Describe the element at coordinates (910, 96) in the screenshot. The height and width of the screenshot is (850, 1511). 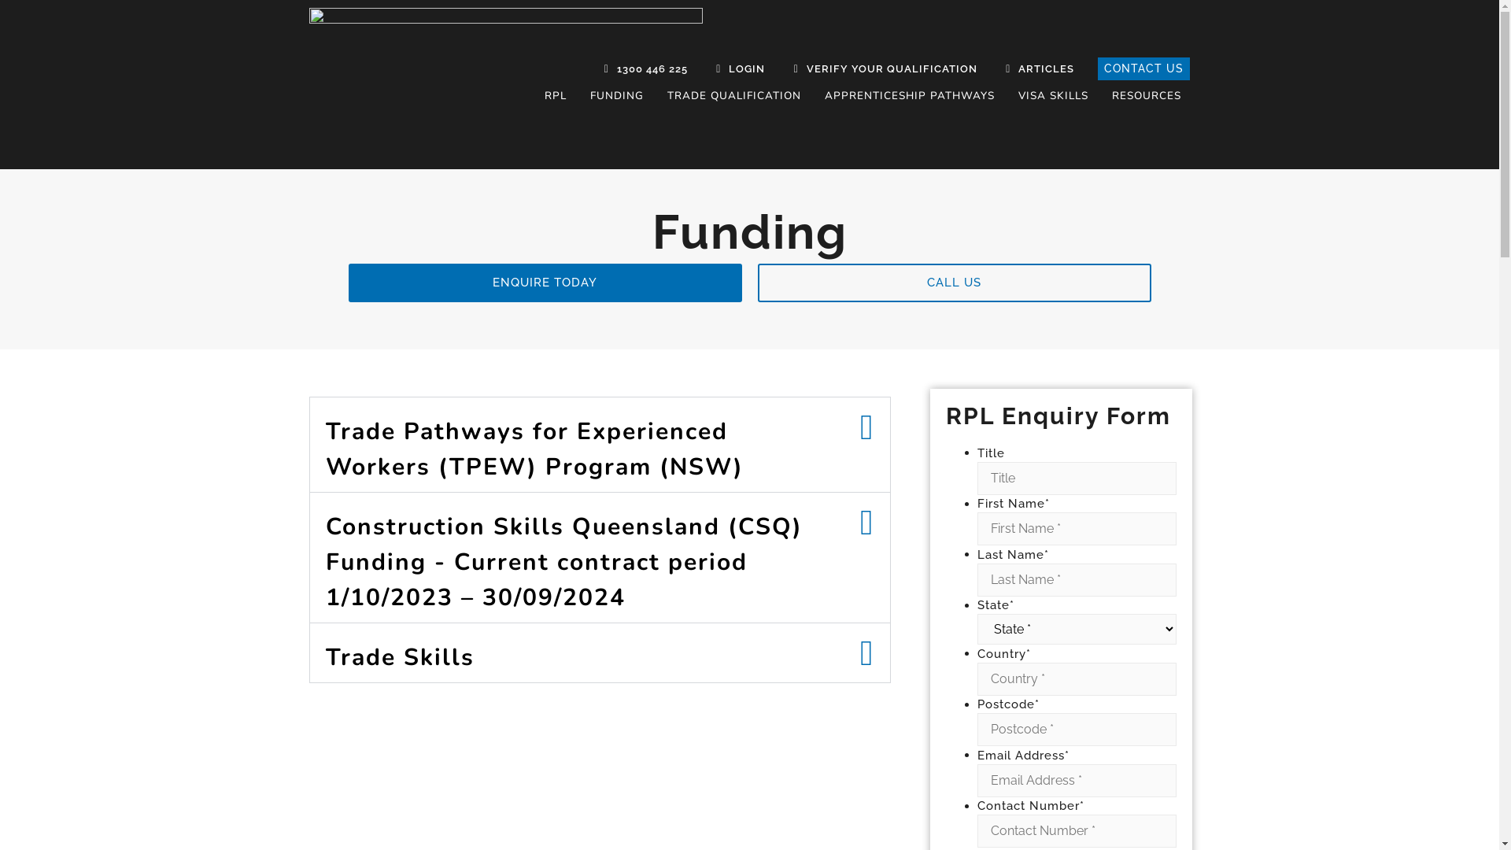
I see `'APPRENTICESHIP PATHWAYS'` at that location.